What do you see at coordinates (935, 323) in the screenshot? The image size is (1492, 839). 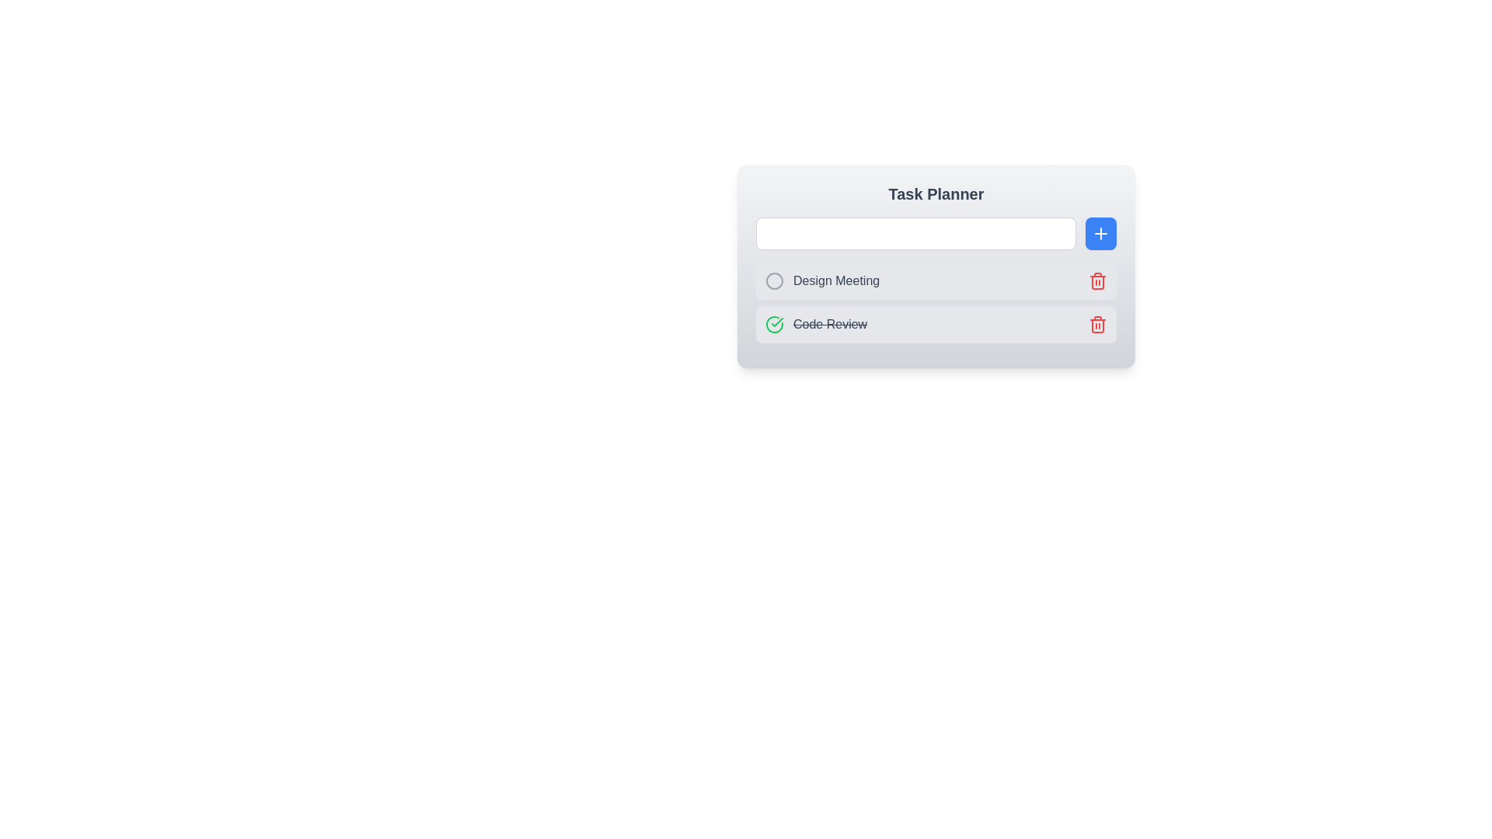 I see `the List item labeled 'Code Review' to navigate through the Task Planner` at bounding box center [935, 323].